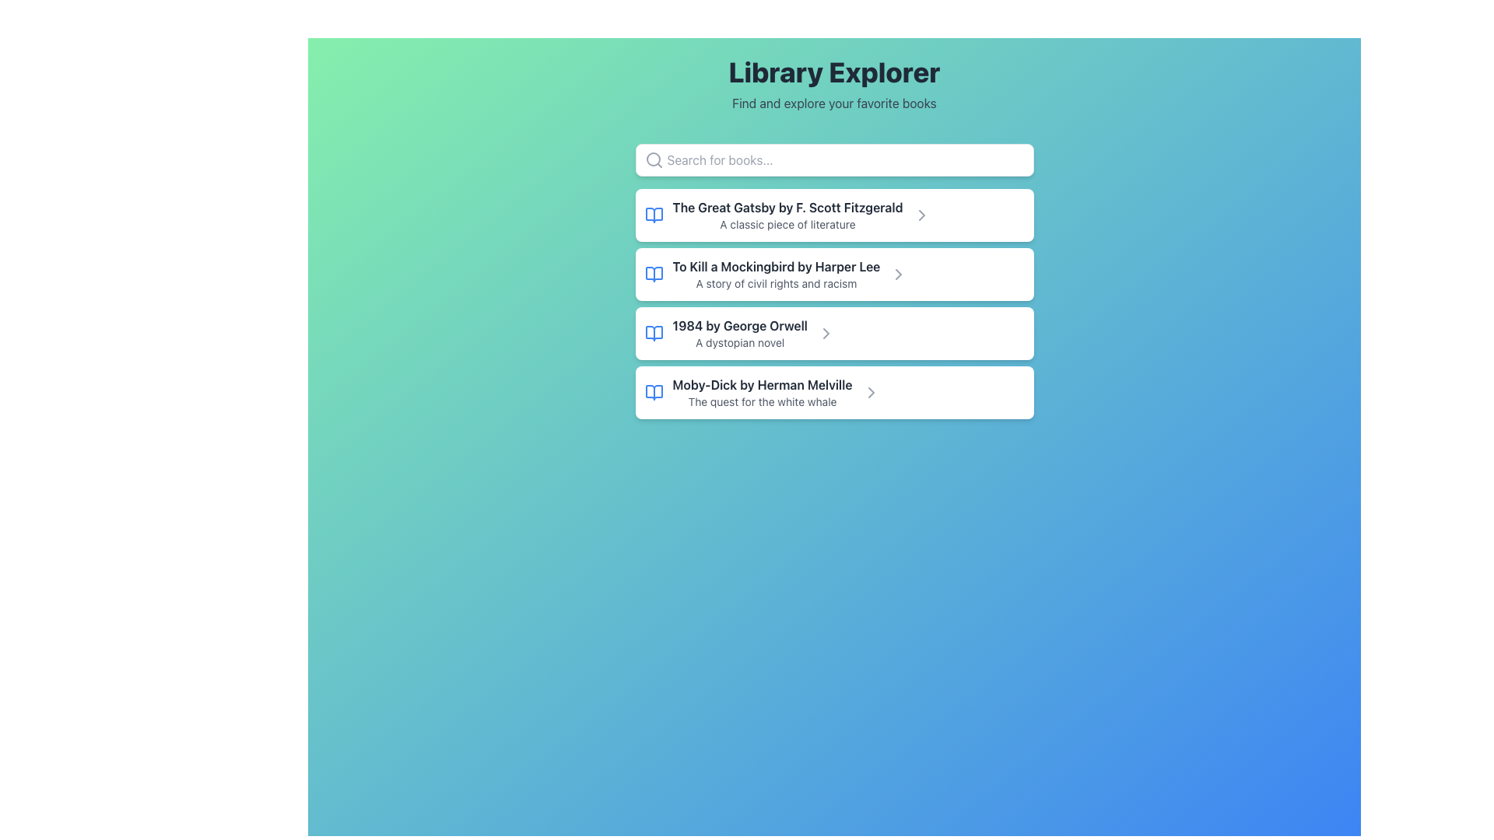 The image size is (1494, 840). Describe the element at coordinates (833, 72) in the screenshot. I see `the main heading text label at the top center of the page that indicates the library or book exploration purpose` at that location.